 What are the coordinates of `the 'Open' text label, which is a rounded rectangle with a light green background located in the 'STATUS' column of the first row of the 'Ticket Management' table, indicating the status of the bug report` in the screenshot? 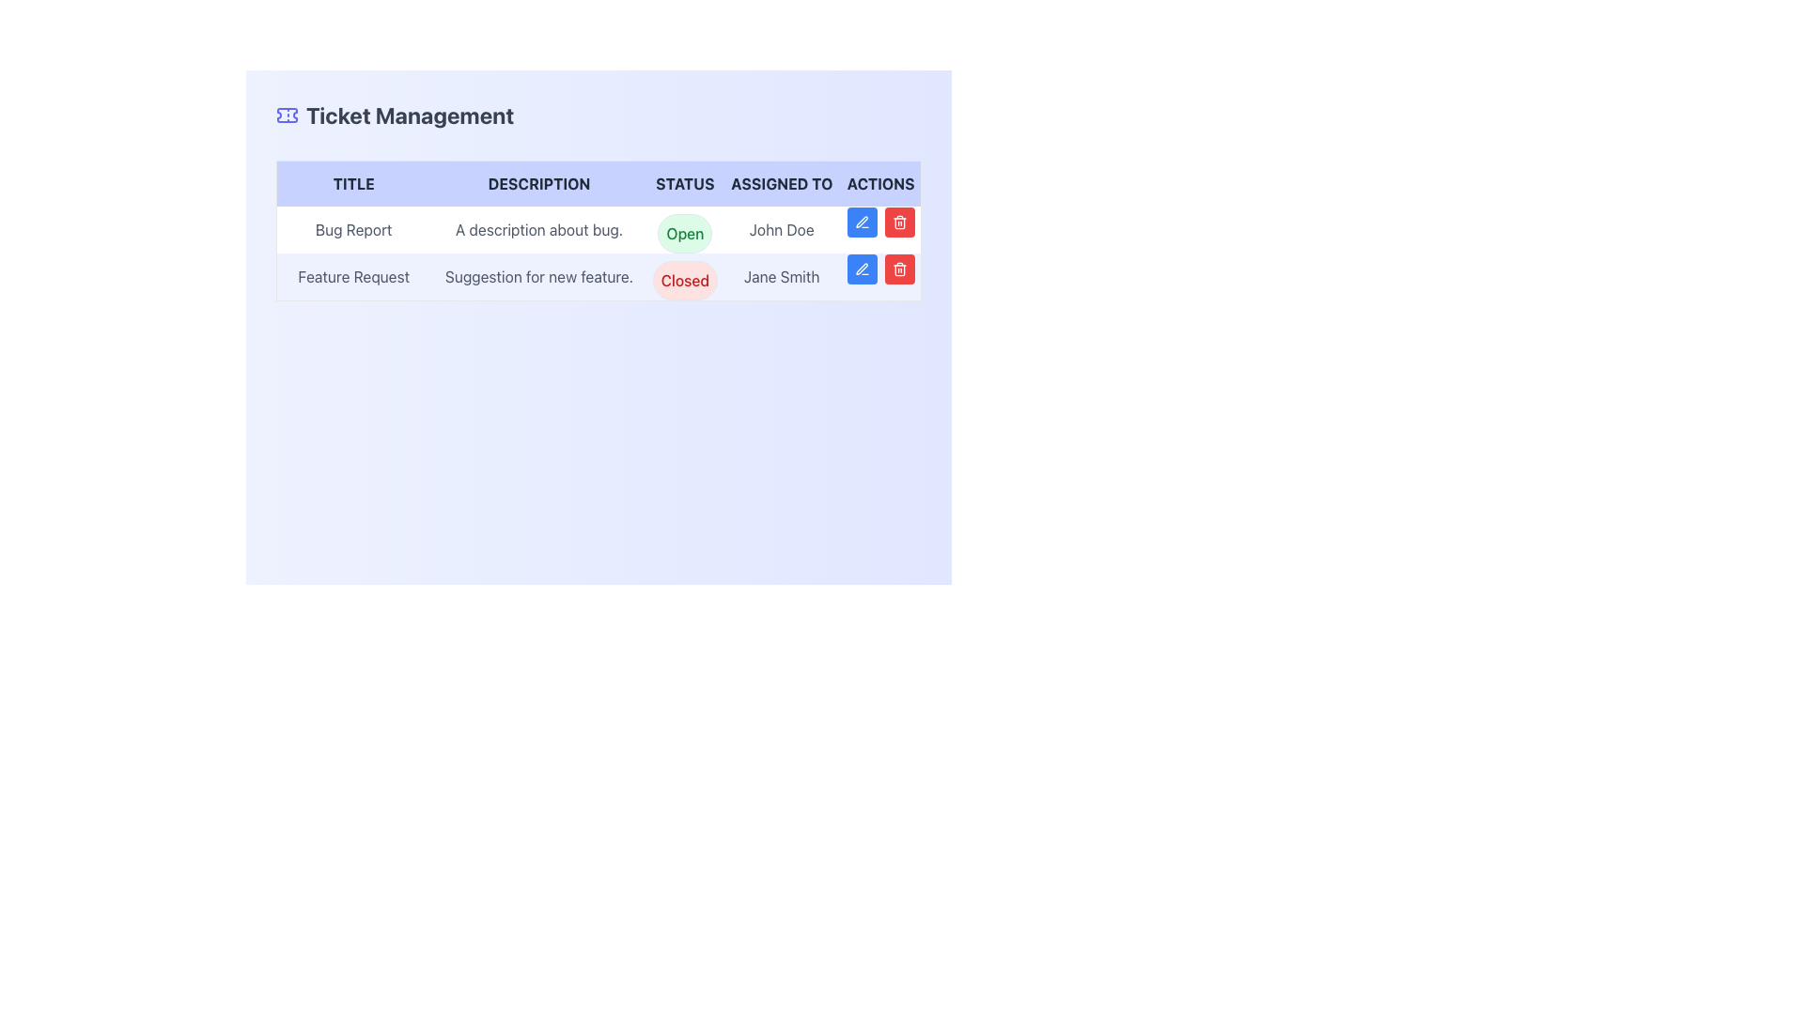 It's located at (684, 232).